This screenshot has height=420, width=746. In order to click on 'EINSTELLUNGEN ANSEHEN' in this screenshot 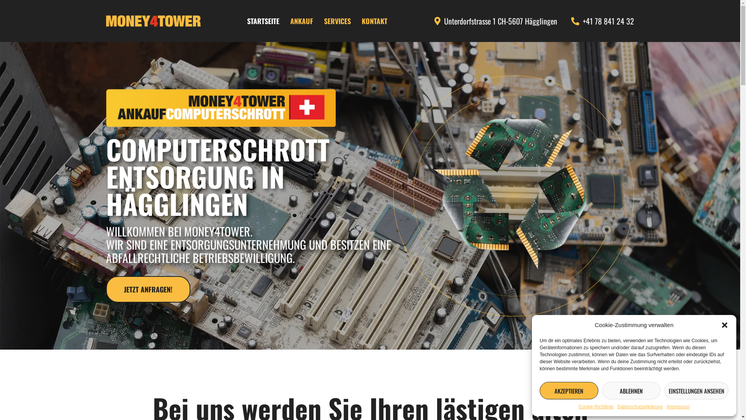, I will do `click(664, 390)`.